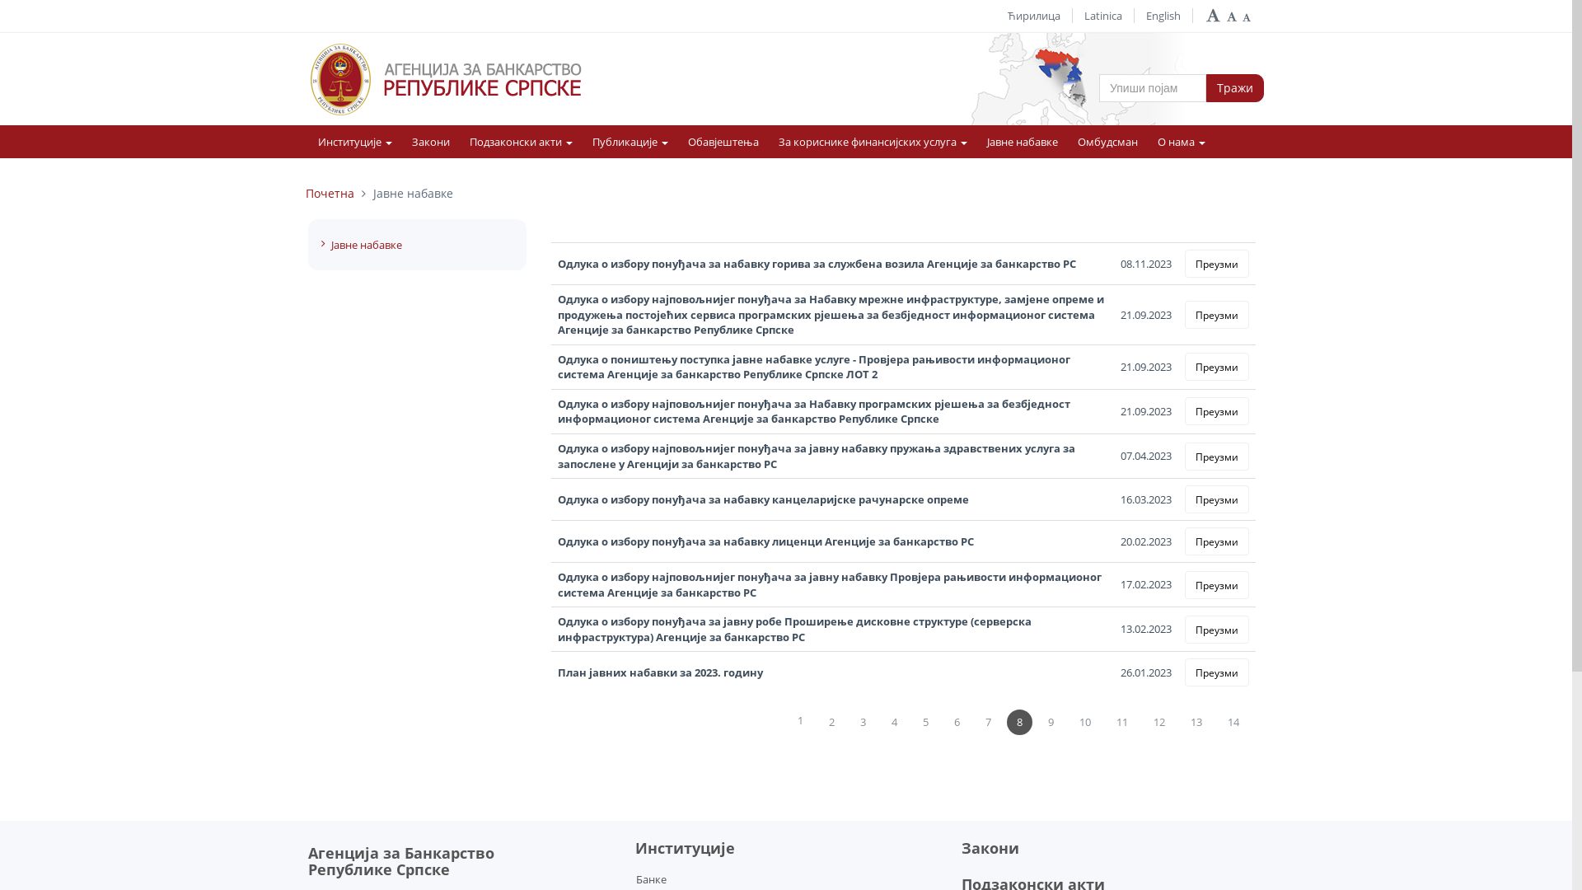 The image size is (1582, 890). I want to click on '10', so click(1084, 721).